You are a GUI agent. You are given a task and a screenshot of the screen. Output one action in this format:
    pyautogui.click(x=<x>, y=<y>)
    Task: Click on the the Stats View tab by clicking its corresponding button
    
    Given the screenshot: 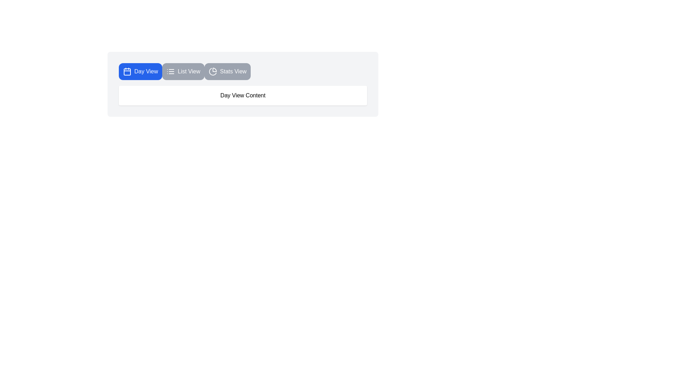 What is the action you would take?
    pyautogui.click(x=227, y=72)
    